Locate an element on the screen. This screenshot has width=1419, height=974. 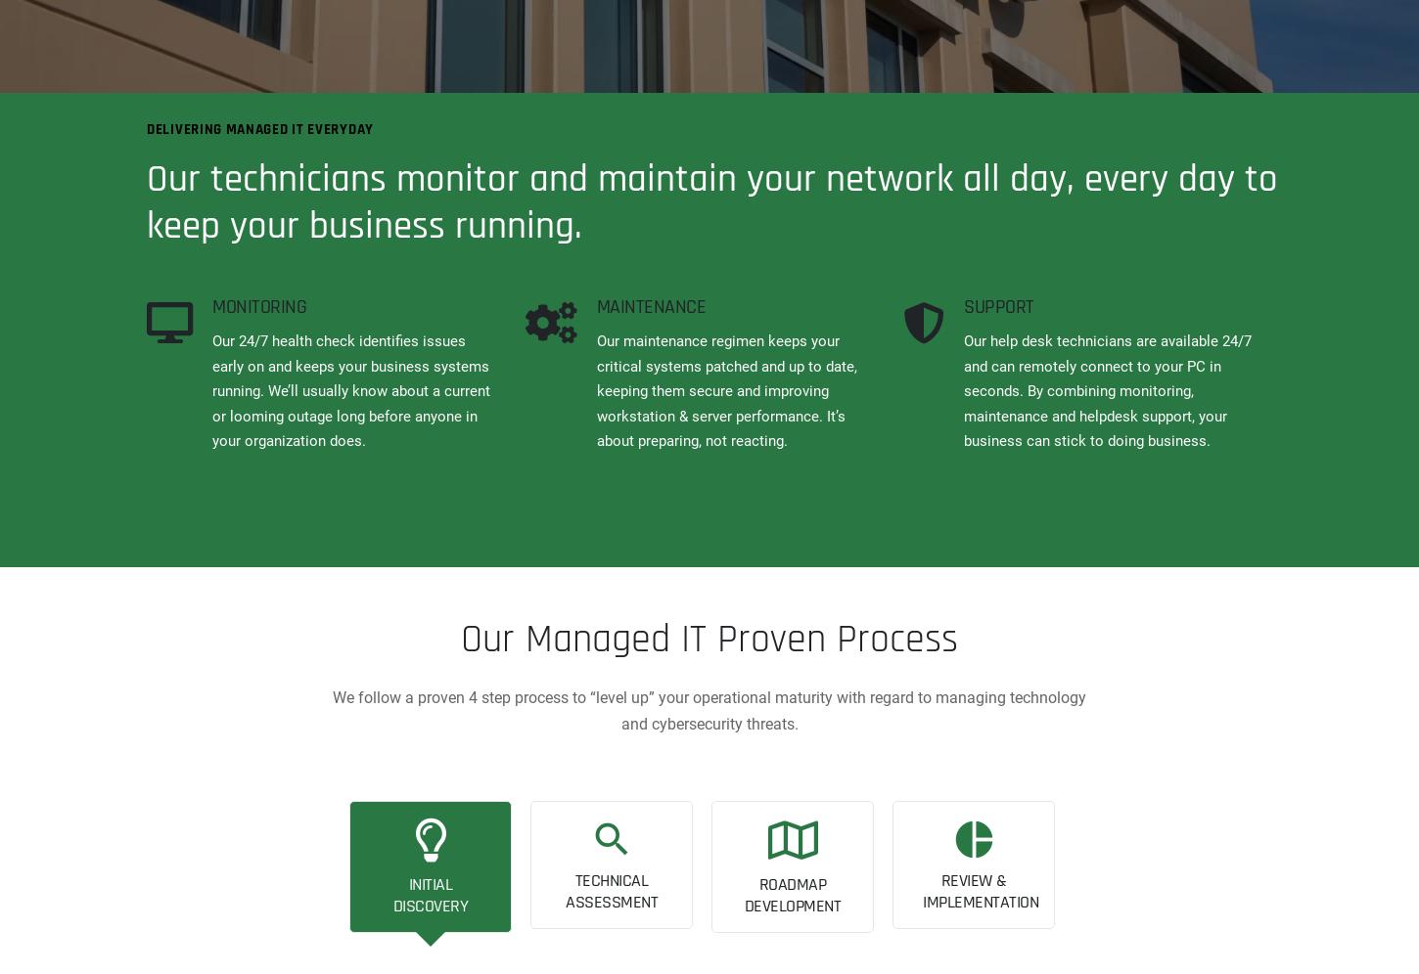
'REVIEW & IMPLEMENTATION' is located at coordinates (980, 889).